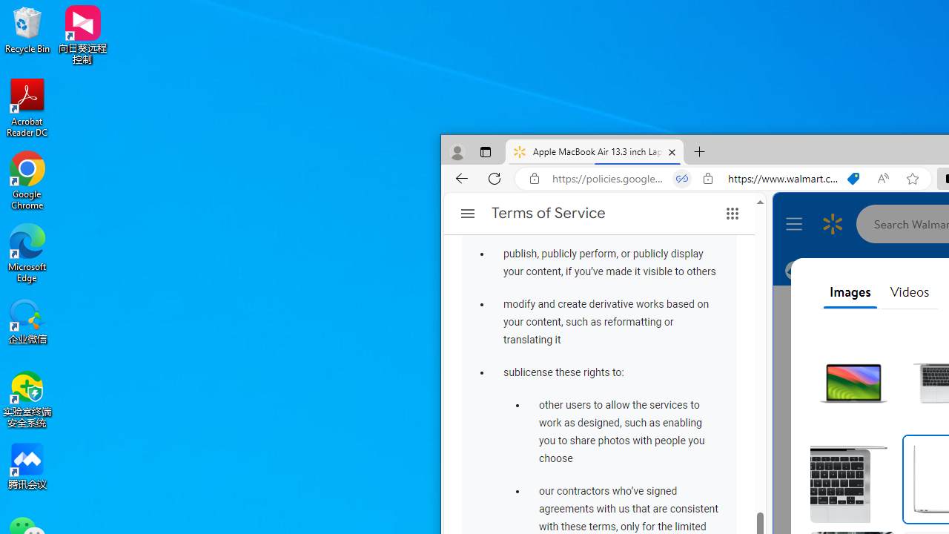 Image resolution: width=949 pixels, height=534 pixels. What do you see at coordinates (681, 178) in the screenshot?
I see `'Tabs in split screen'` at bounding box center [681, 178].